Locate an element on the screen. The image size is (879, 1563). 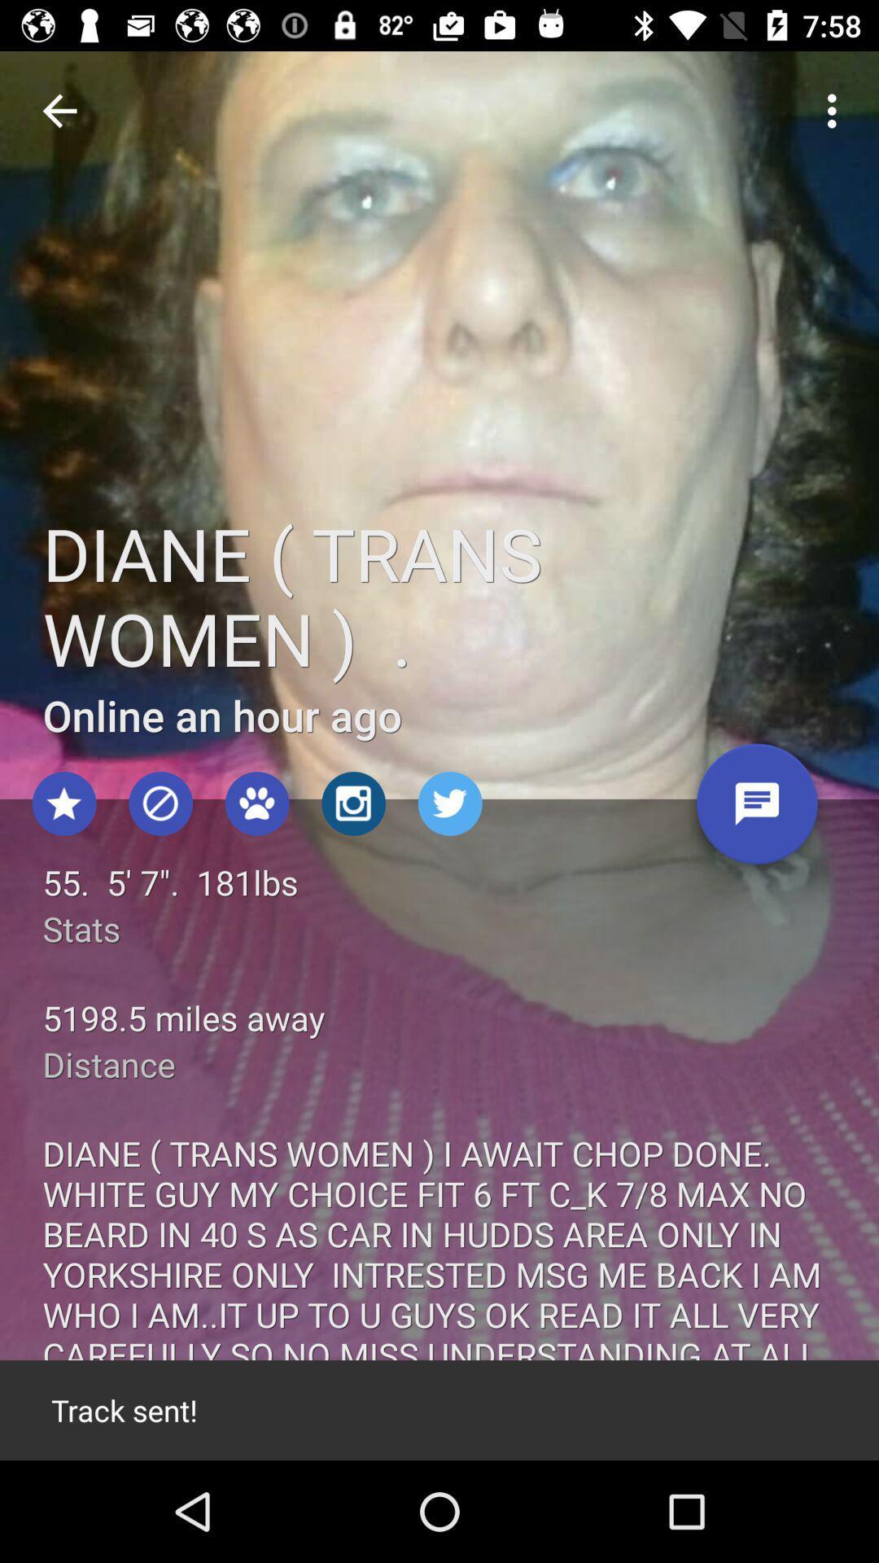
the chat icon is located at coordinates (757, 810).